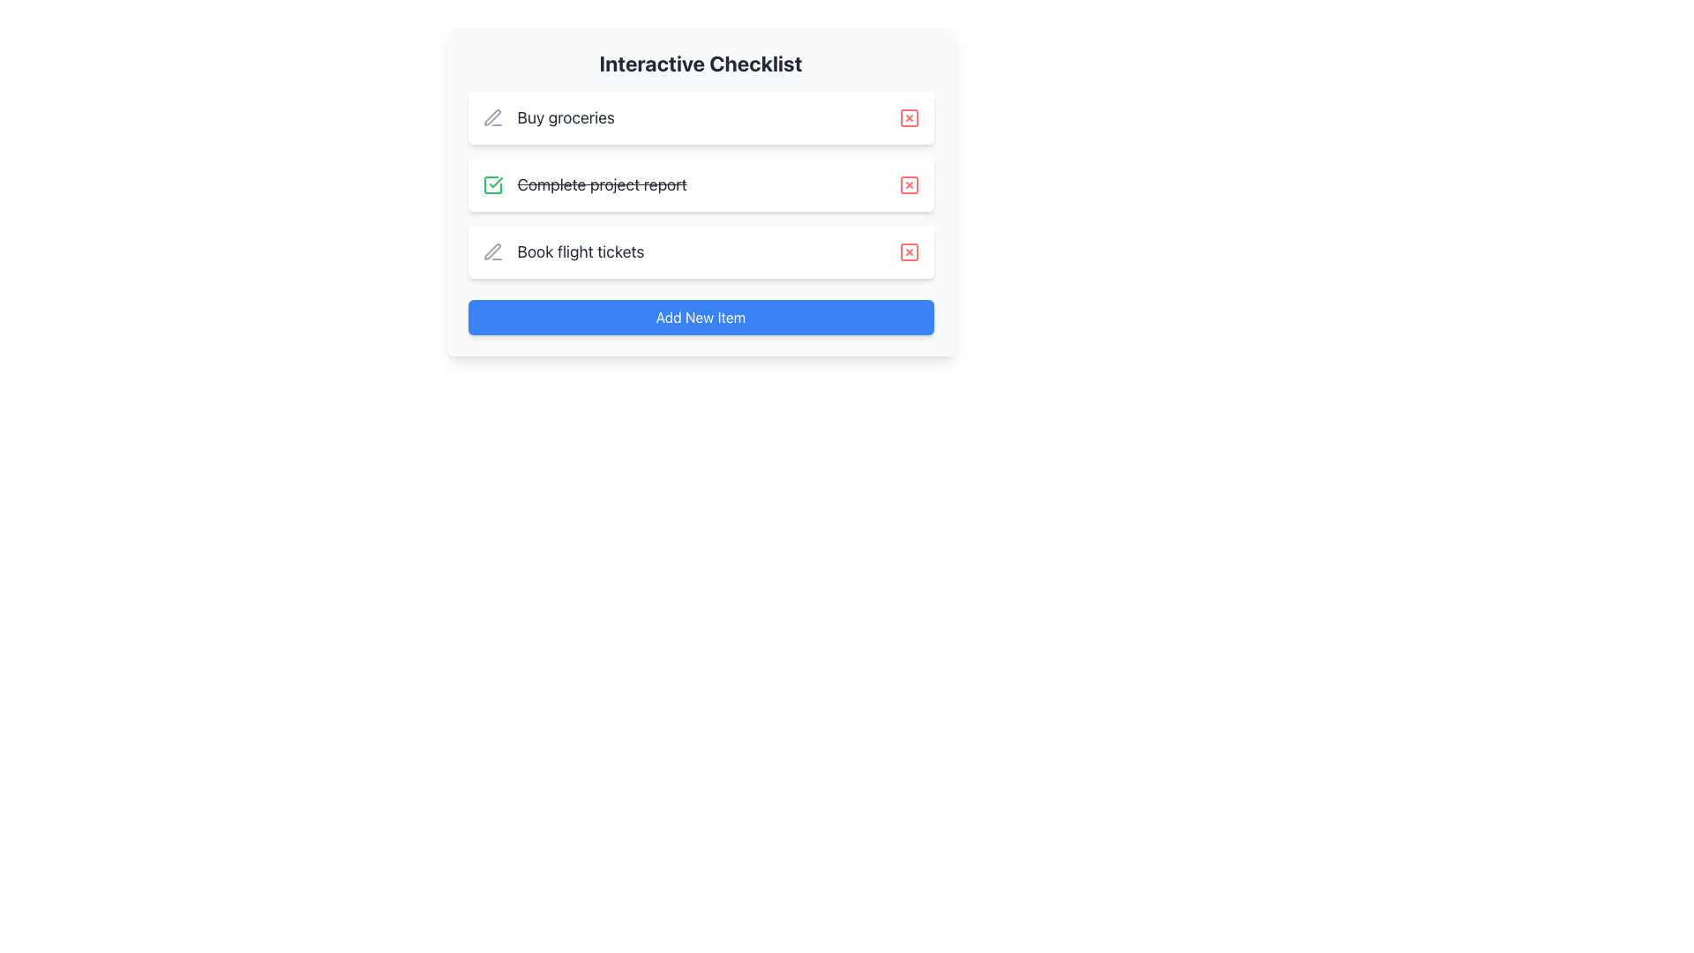 This screenshot has width=1694, height=953. I want to click on the red square shape with rounded corners that surrounds the 'X' symbol, located at the far right of the 'Book flight tickets' text in the checklist, so click(909, 251).